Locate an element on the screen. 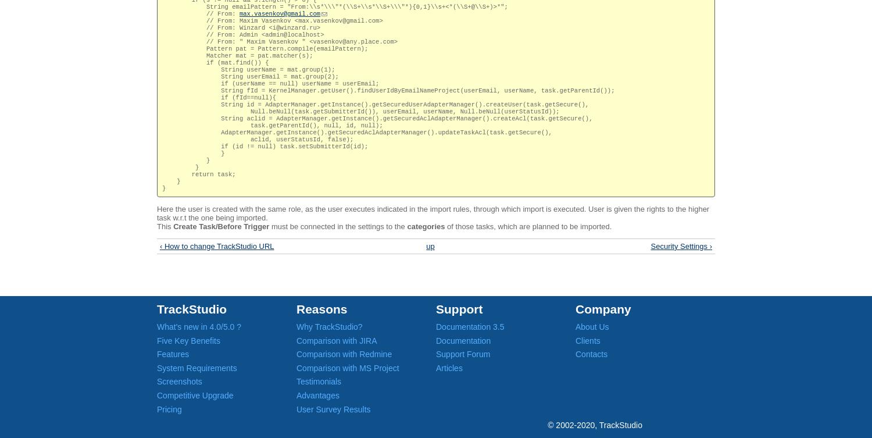 This screenshot has height=438, width=872. 'Testimonials' is located at coordinates (319, 381).